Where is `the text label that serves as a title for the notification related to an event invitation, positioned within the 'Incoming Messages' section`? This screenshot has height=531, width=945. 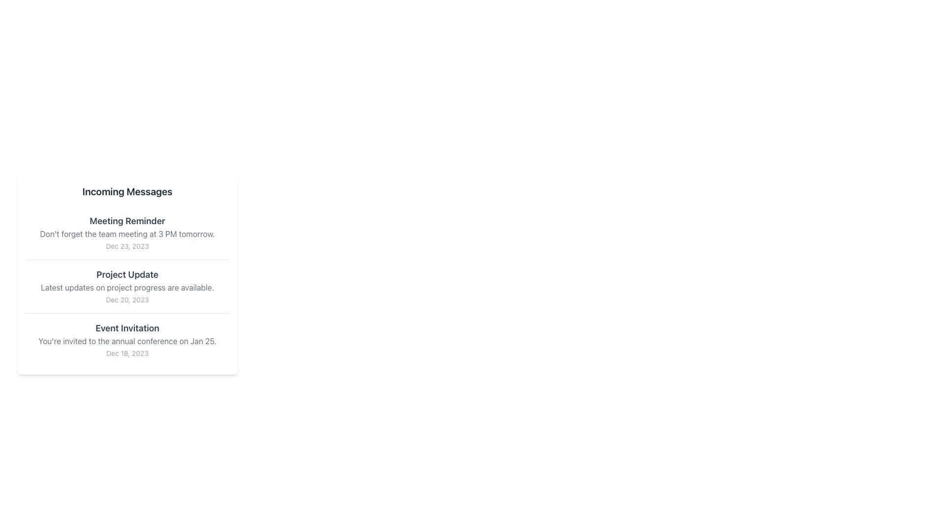
the text label that serves as a title for the notification related to an event invitation, positioned within the 'Incoming Messages' section is located at coordinates (127, 328).